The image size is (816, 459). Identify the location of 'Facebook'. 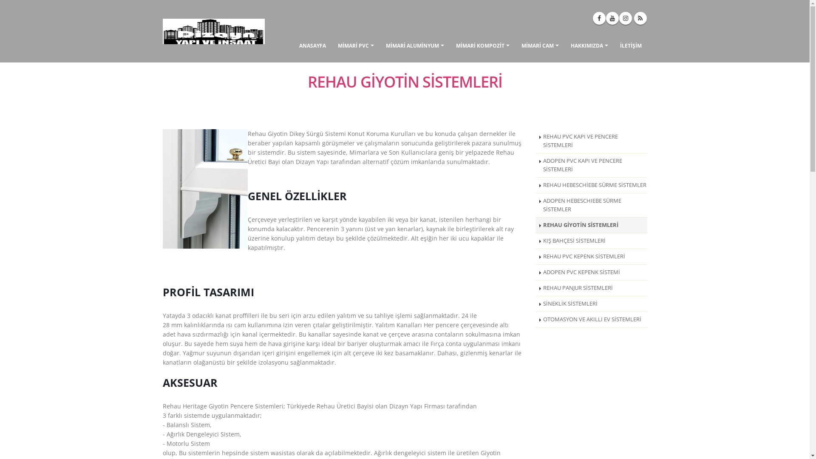
(592, 18).